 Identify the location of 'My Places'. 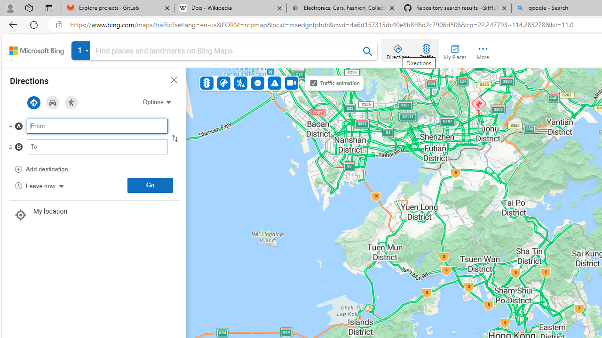
(455, 50).